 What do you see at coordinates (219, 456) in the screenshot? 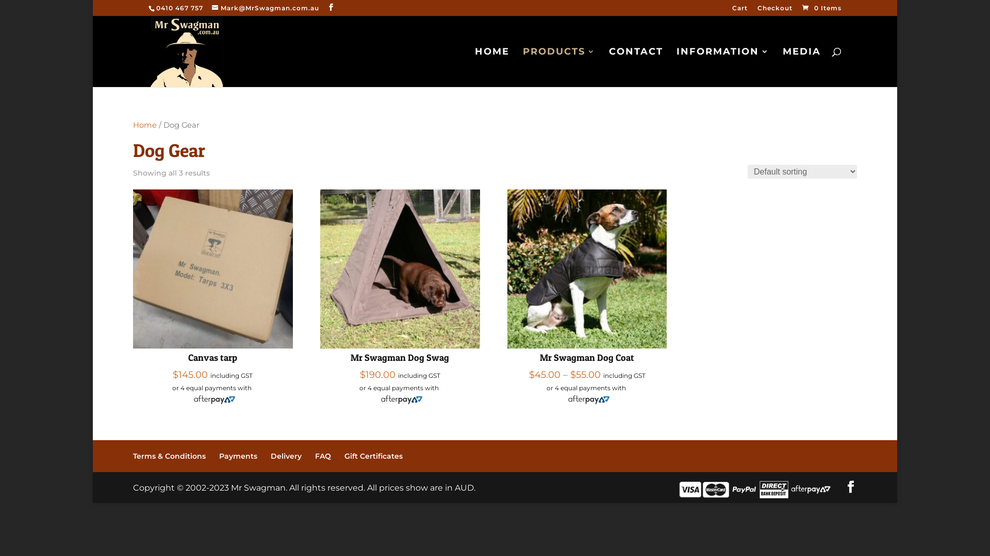
I see `'Payments'` at bounding box center [219, 456].